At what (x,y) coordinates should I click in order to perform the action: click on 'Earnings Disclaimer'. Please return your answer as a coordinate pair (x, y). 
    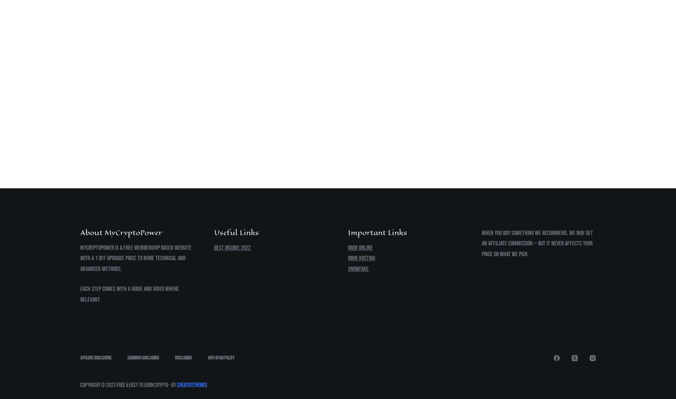
    Looking at the image, I should click on (143, 358).